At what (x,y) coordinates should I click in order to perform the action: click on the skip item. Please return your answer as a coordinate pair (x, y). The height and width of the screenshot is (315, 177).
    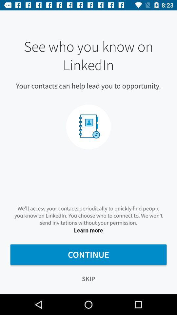
    Looking at the image, I should click on (88, 278).